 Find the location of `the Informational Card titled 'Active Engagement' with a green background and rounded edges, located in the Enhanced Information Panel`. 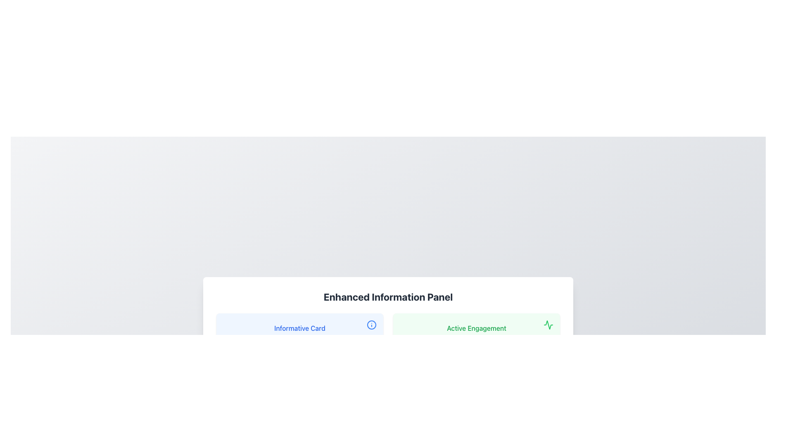

the Informational Card titled 'Active Engagement' with a green background and rounded edges, located in the Enhanced Information Panel is located at coordinates (476, 339).